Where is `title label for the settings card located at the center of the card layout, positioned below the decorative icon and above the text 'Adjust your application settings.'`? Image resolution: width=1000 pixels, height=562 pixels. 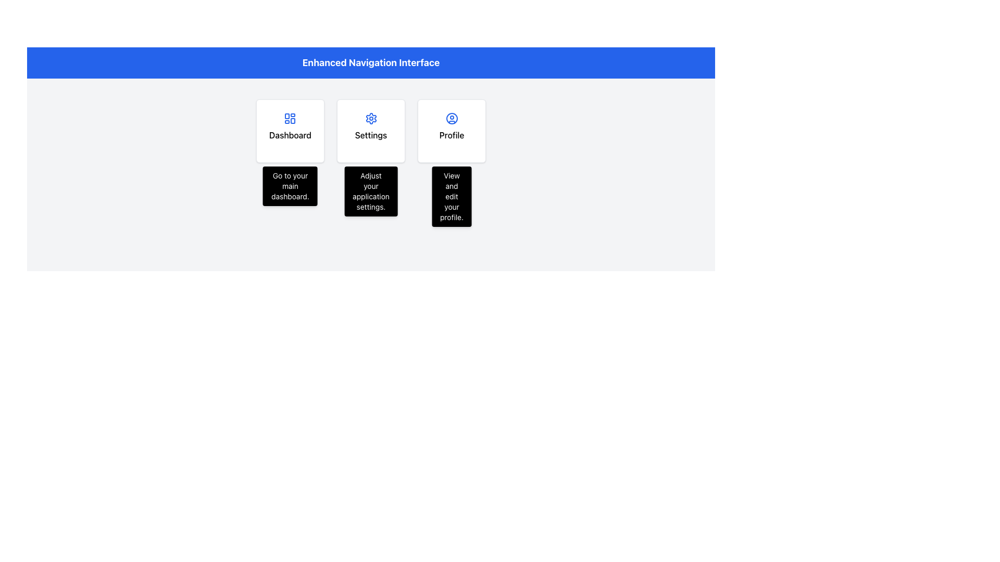
title label for the settings card located at the center of the card layout, positioned below the decorative icon and above the text 'Adjust your application settings.' is located at coordinates (371, 134).